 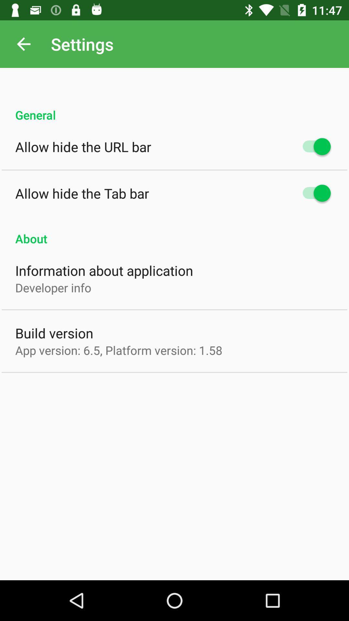 What do you see at coordinates (54, 333) in the screenshot?
I see `the build version icon` at bounding box center [54, 333].